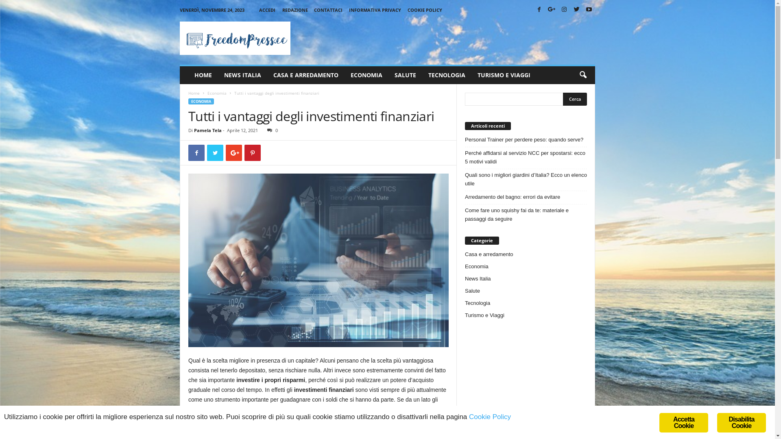 Image resolution: width=781 pixels, height=439 pixels. What do you see at coordinates (349, 10) in the screenshot?
I see `'INFORMATIVA PRIVACY'` at bounding box center [349, 10].